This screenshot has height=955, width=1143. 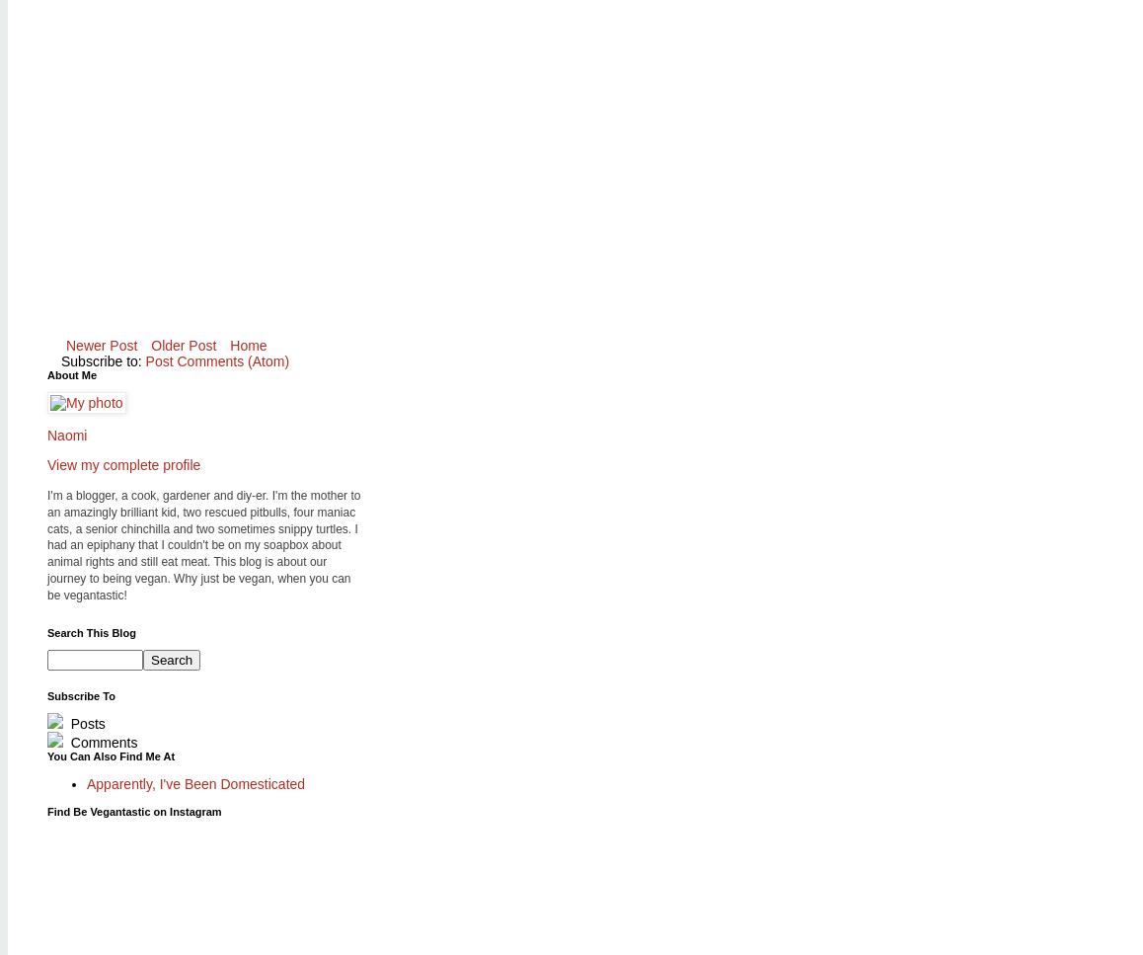 I want to click on 'Apparently, I've Been Domesticated', so click(x=195, y=782).